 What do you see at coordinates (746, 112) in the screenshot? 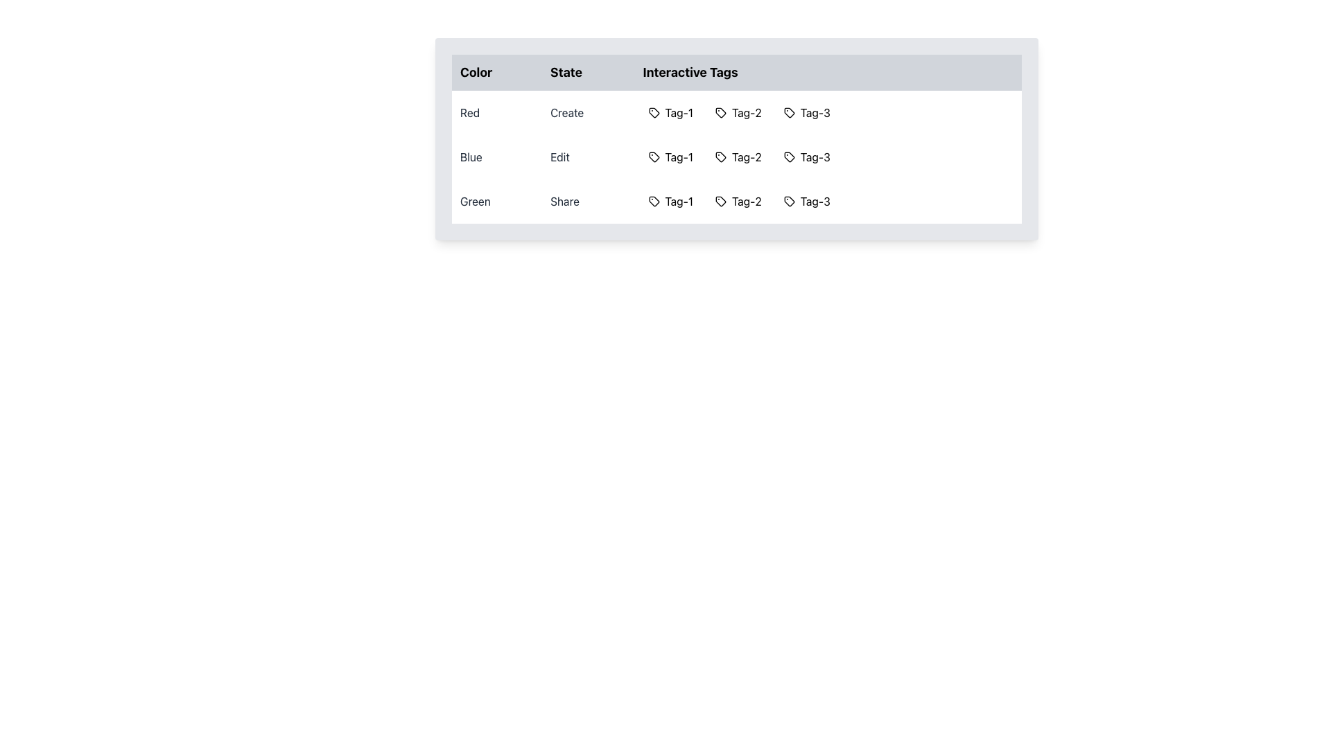
I see `the Text Label in the second column of the 'Interactive Tags' section, located right after a tag icon` at bounding box center [746, 112].